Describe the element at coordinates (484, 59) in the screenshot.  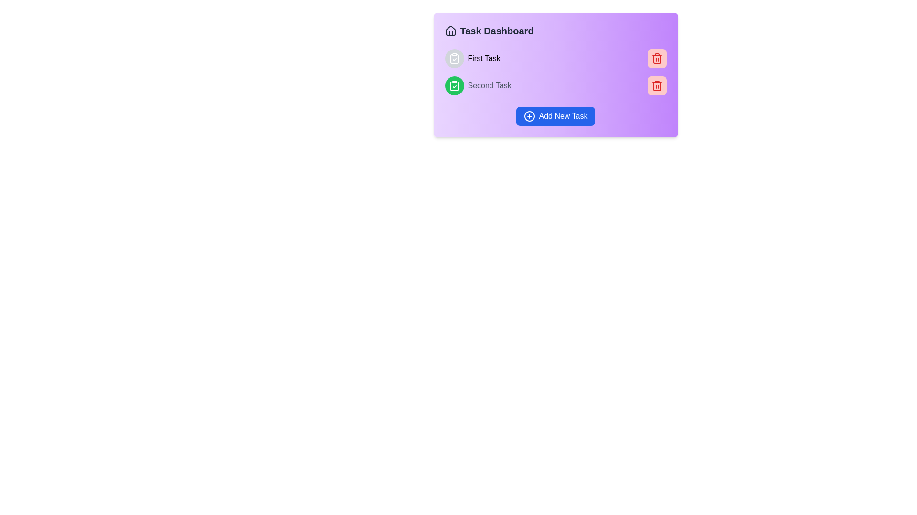
I see `the 'First Task' text label in the task dashboard interface` at that location.